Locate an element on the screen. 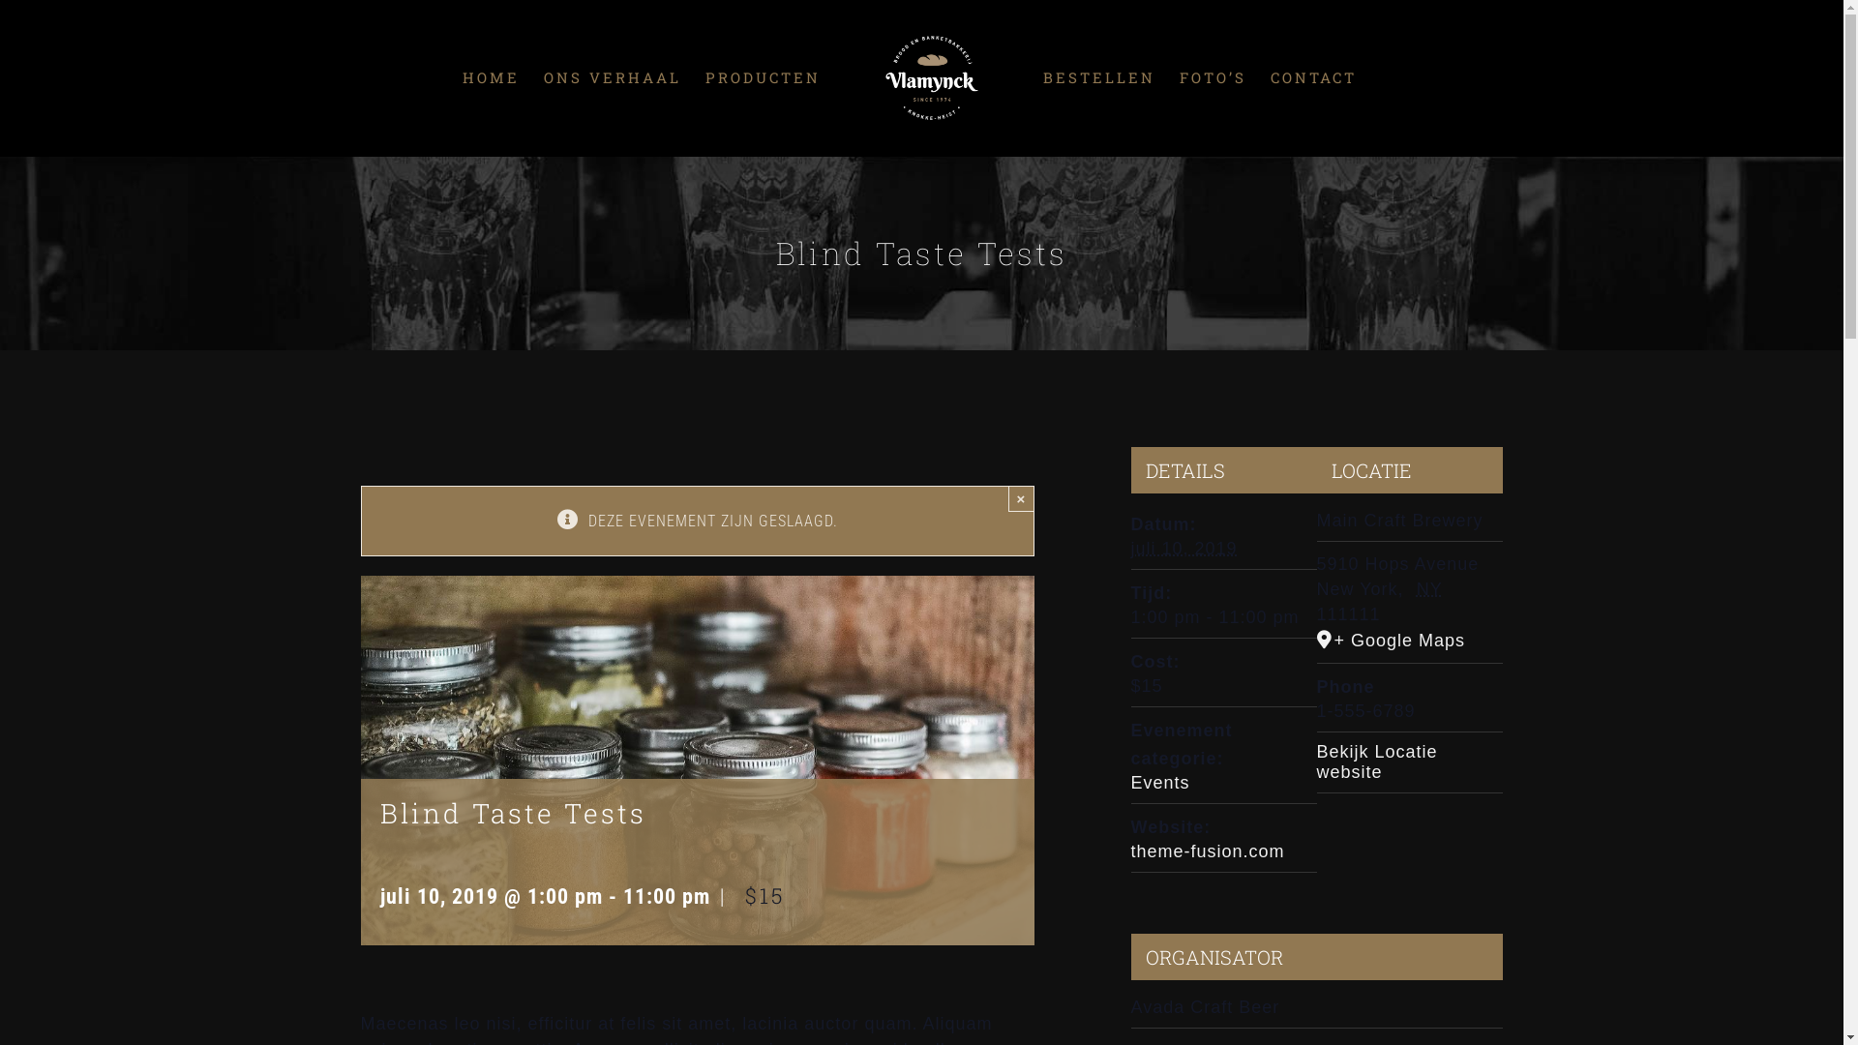  'CONTACT' is located at coordinates (1313, 77).